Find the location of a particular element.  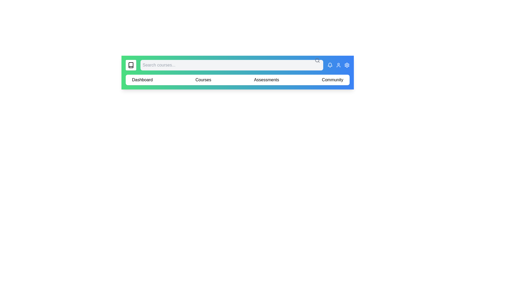

the navigation menu item Community is located at coordinates (332, 80).